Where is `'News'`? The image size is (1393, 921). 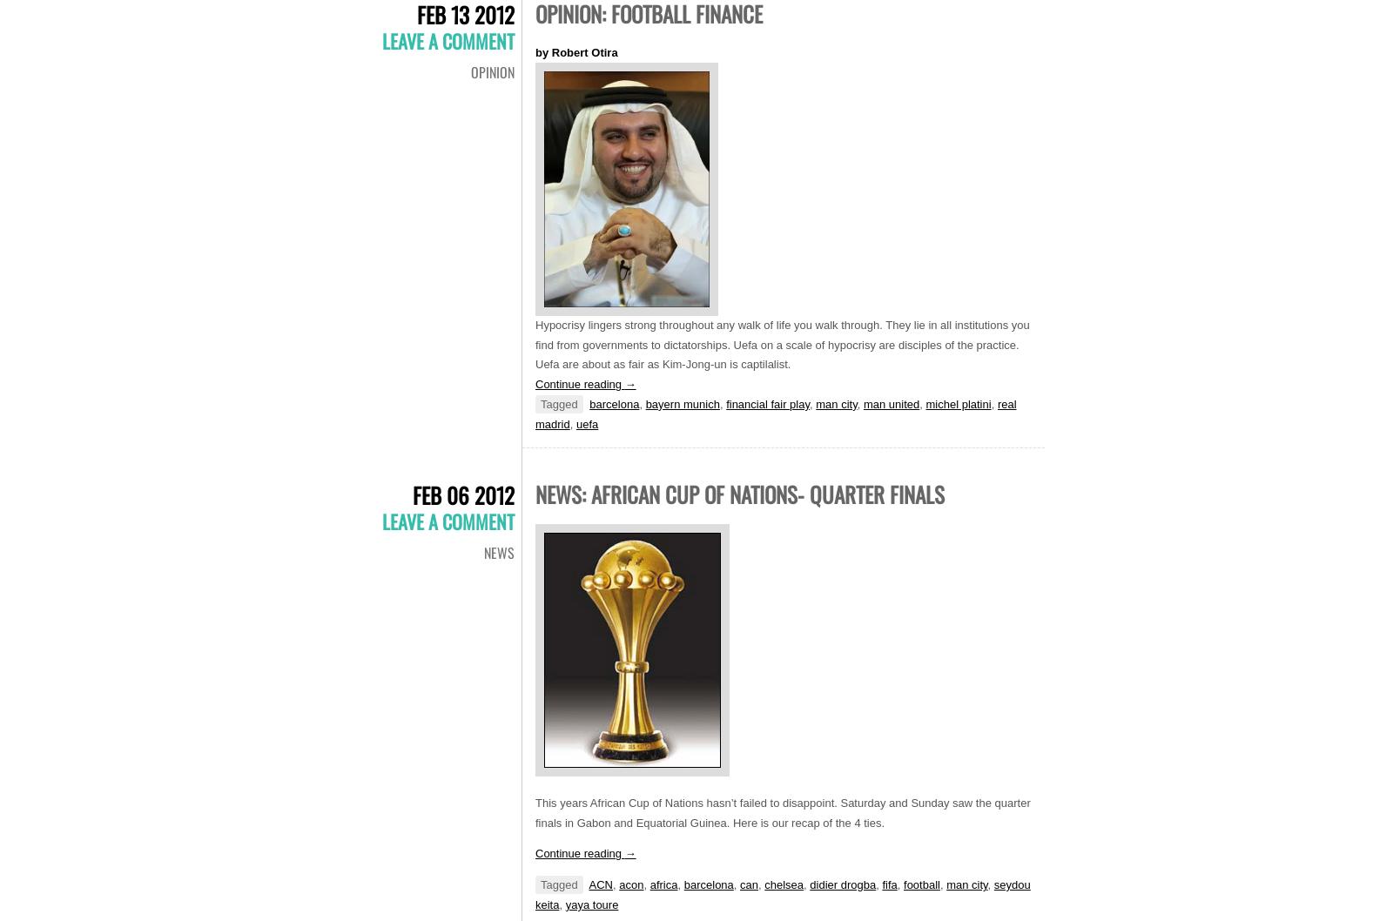
'News' is located at coordinates (498, 552).